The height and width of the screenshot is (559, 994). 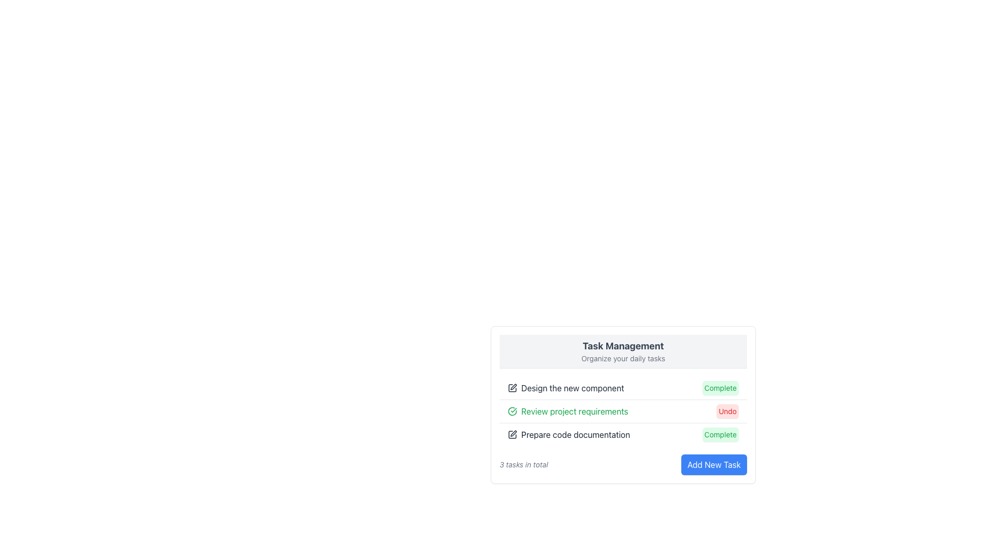 What do you see at coordinates (568, 435) in the screenshot?
I see `text label that identifies a task in the task management section, located in the third row of the vertical task list under 'Task Management', next to the 'Complete' button` at bounding box center [568, 435].